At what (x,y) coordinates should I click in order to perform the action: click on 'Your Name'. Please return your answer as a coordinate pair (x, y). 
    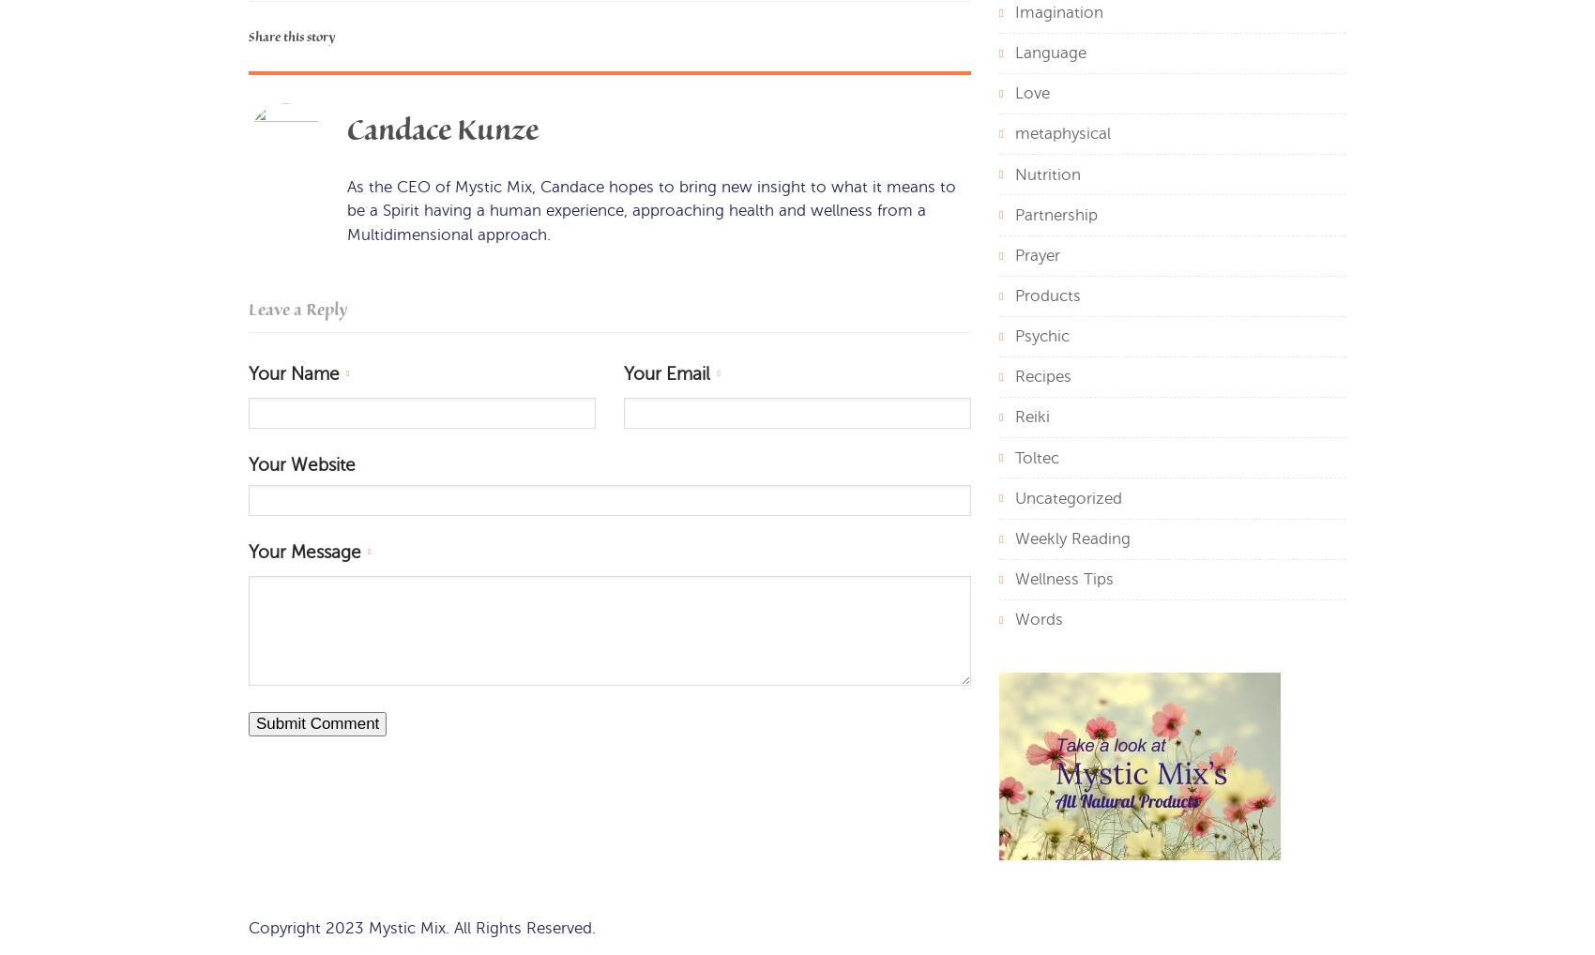
    Looking at the image, I should click on (294, 373).